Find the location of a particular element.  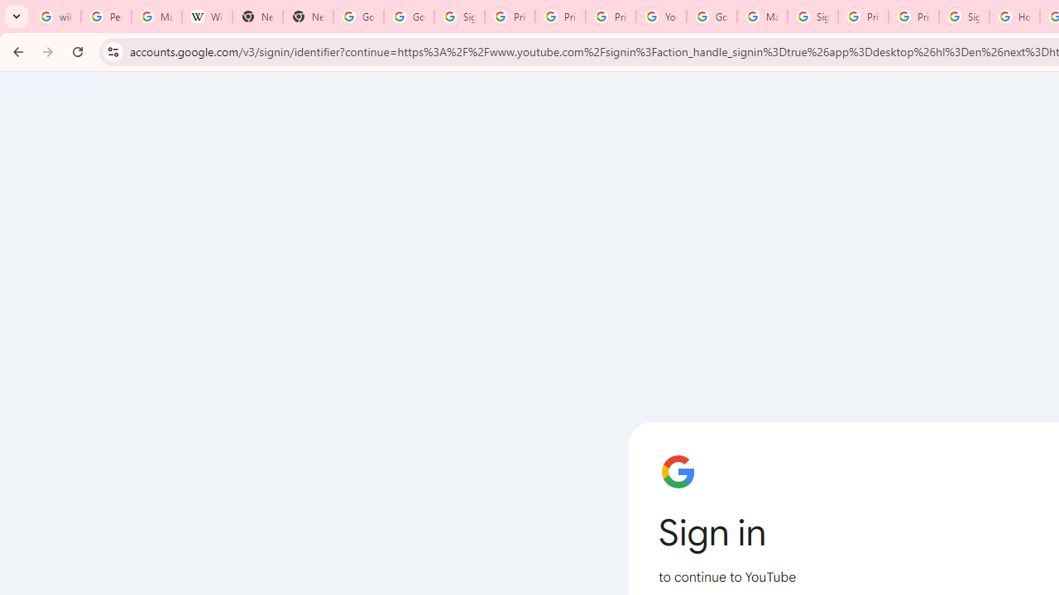

'Wikipedia:Edit requests - Wikipedia' is located at coordinates (206, 17).